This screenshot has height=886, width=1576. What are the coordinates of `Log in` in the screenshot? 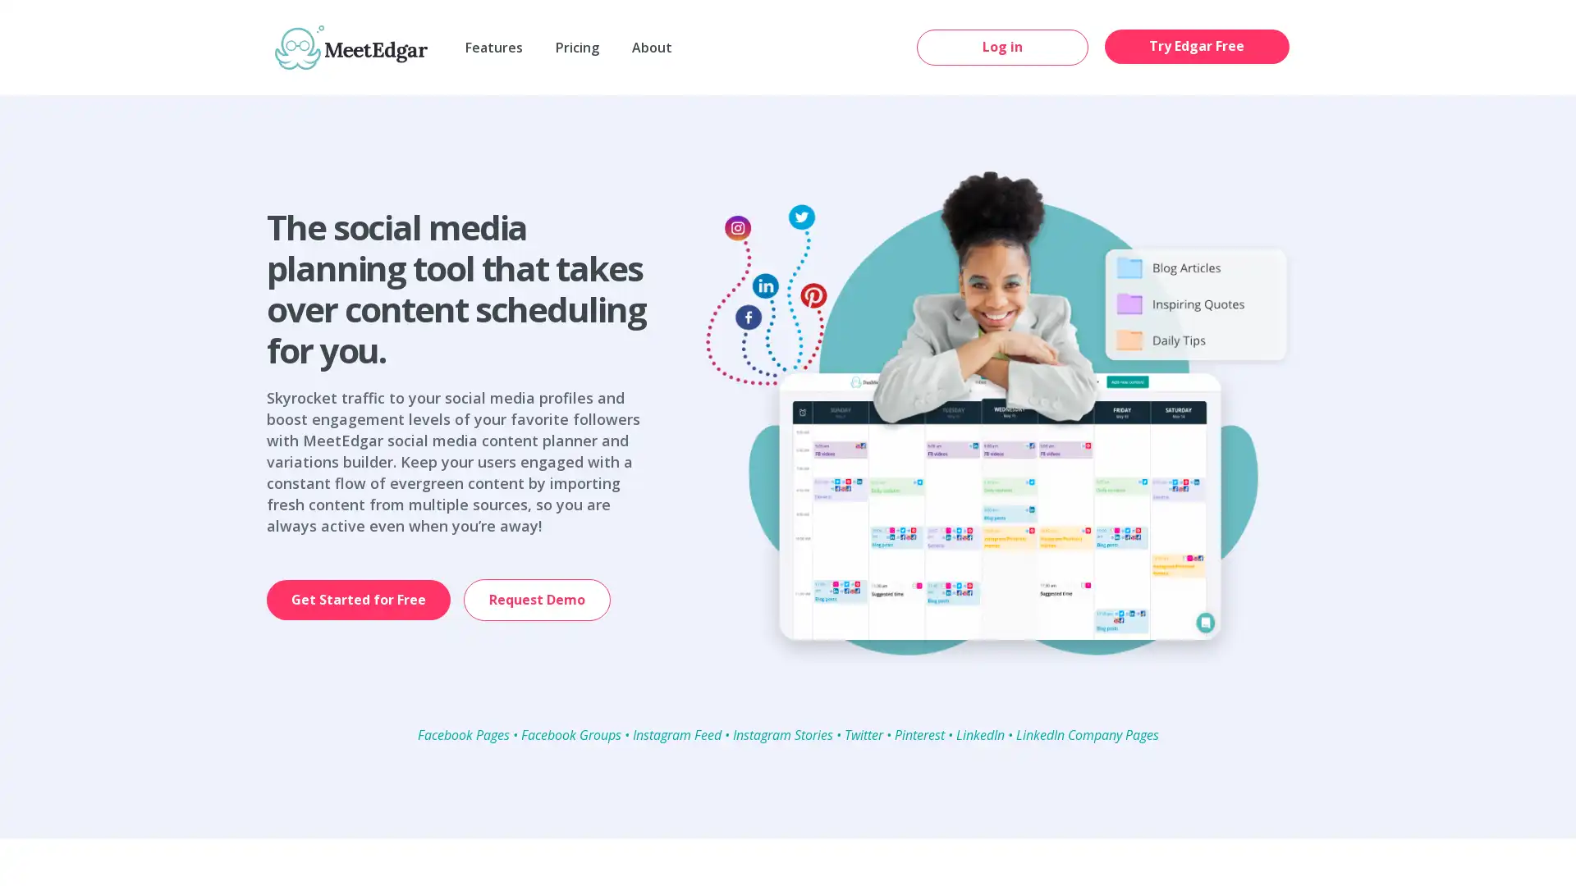 It's located at (1001, 46).